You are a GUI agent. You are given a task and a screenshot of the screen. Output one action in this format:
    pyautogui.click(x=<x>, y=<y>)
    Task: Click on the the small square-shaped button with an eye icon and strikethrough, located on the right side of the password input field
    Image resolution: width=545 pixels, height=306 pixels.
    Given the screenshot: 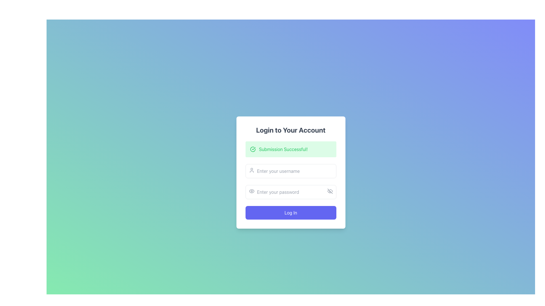 What is the action you would take?
    pyautogui.click(x=330, y=191)
    